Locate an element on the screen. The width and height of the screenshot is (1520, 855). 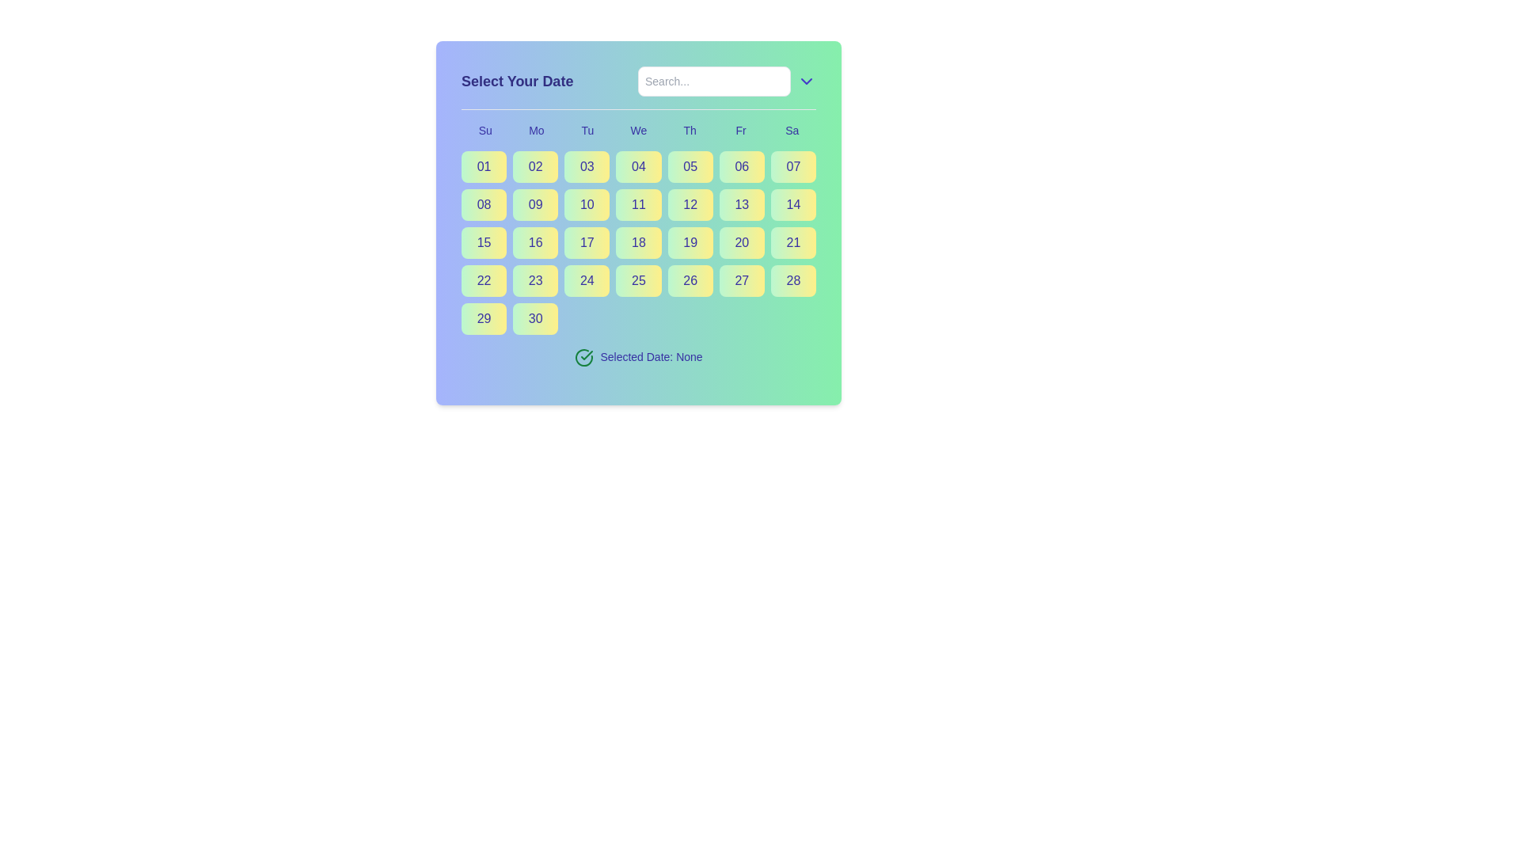
text label 'Mo' which indicates Monday in the calendar interface, positioned as the second item in the horizontal list of day labels is located at coordinates (536, 130).